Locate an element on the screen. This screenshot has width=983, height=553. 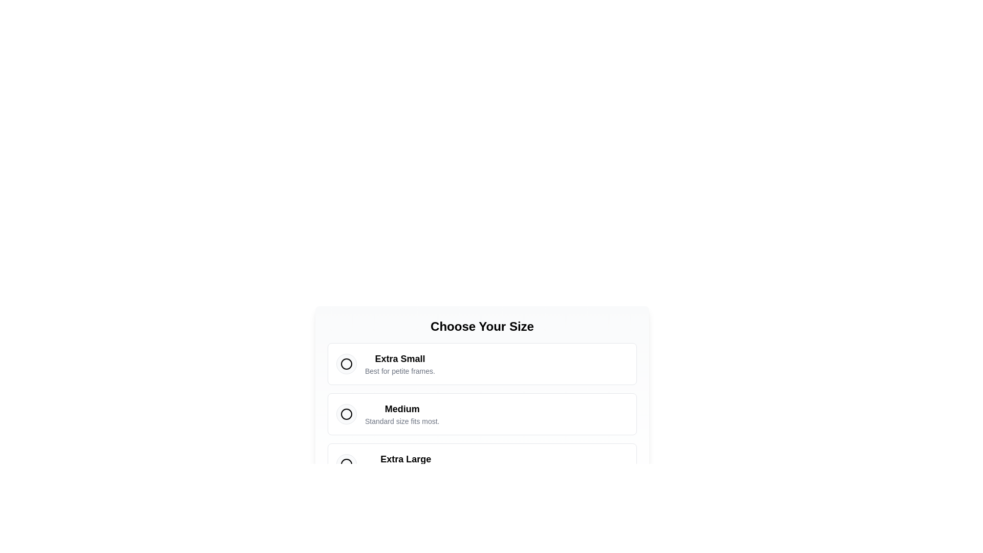
the circular radio button located in the first row under the 'Choose Your Size' header, which is aligned to the left of the text 'Extra Small' and 'Best for petite frames.' is located at coordinates (346, 363).